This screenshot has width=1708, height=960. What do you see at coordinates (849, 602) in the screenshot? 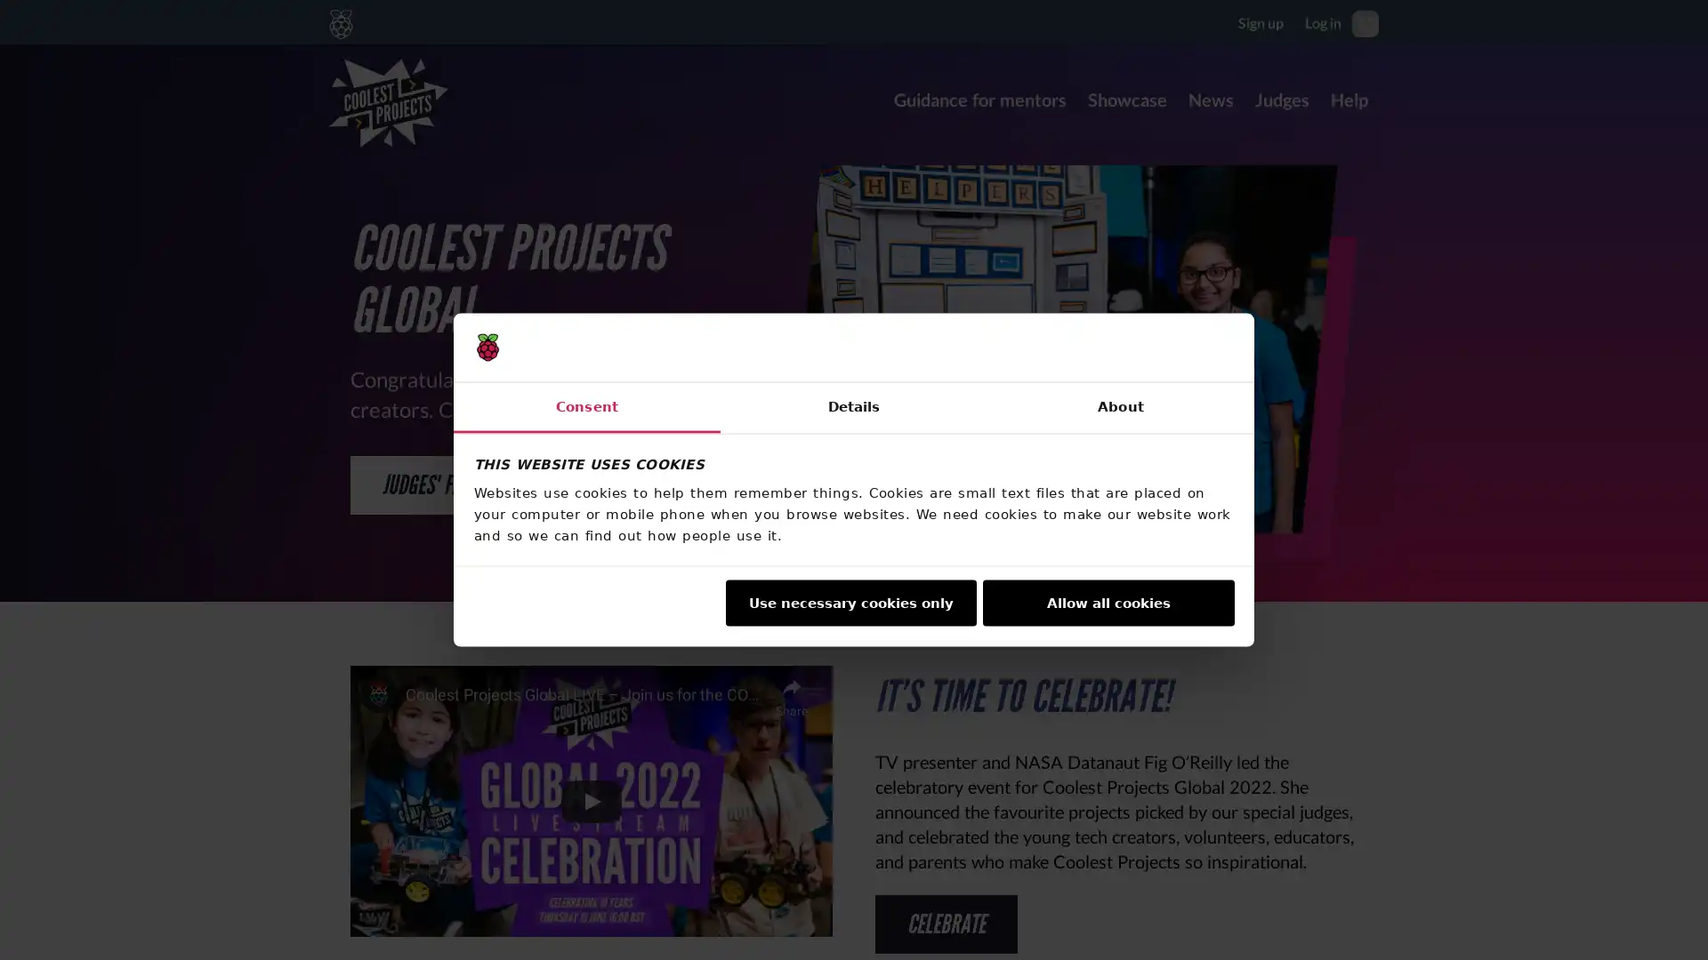
I see `Use necessary cookies only` at bounding box center [849, 602].